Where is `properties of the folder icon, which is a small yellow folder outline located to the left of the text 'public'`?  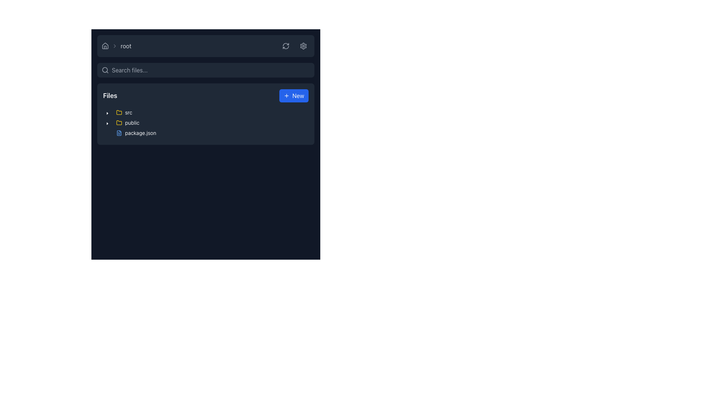
properties of the folder icon, which is a small yellow folder outline located to the left of the text 'public' is located at coordinates (119, 122).